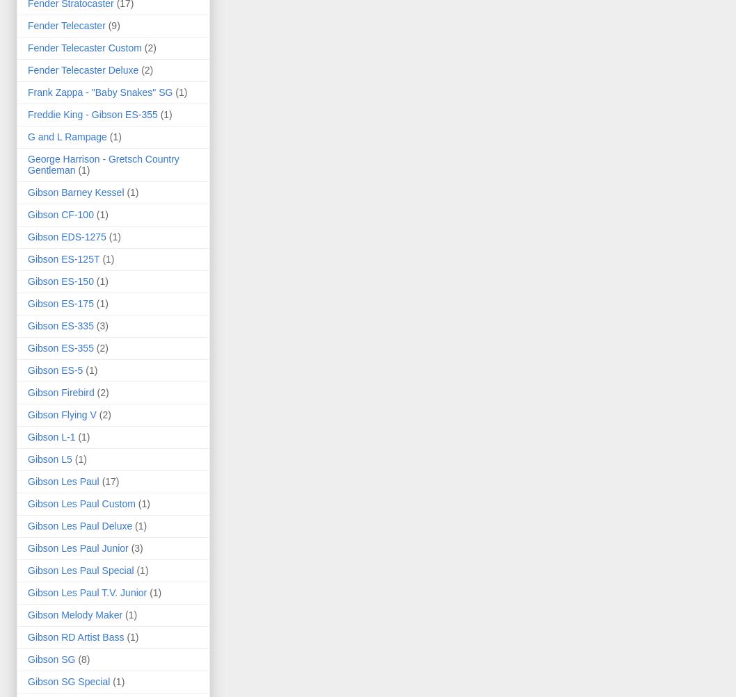  Describe the element at coordinates (51, 658) in the screenshot. I see `'Gibson SG'` at that location.